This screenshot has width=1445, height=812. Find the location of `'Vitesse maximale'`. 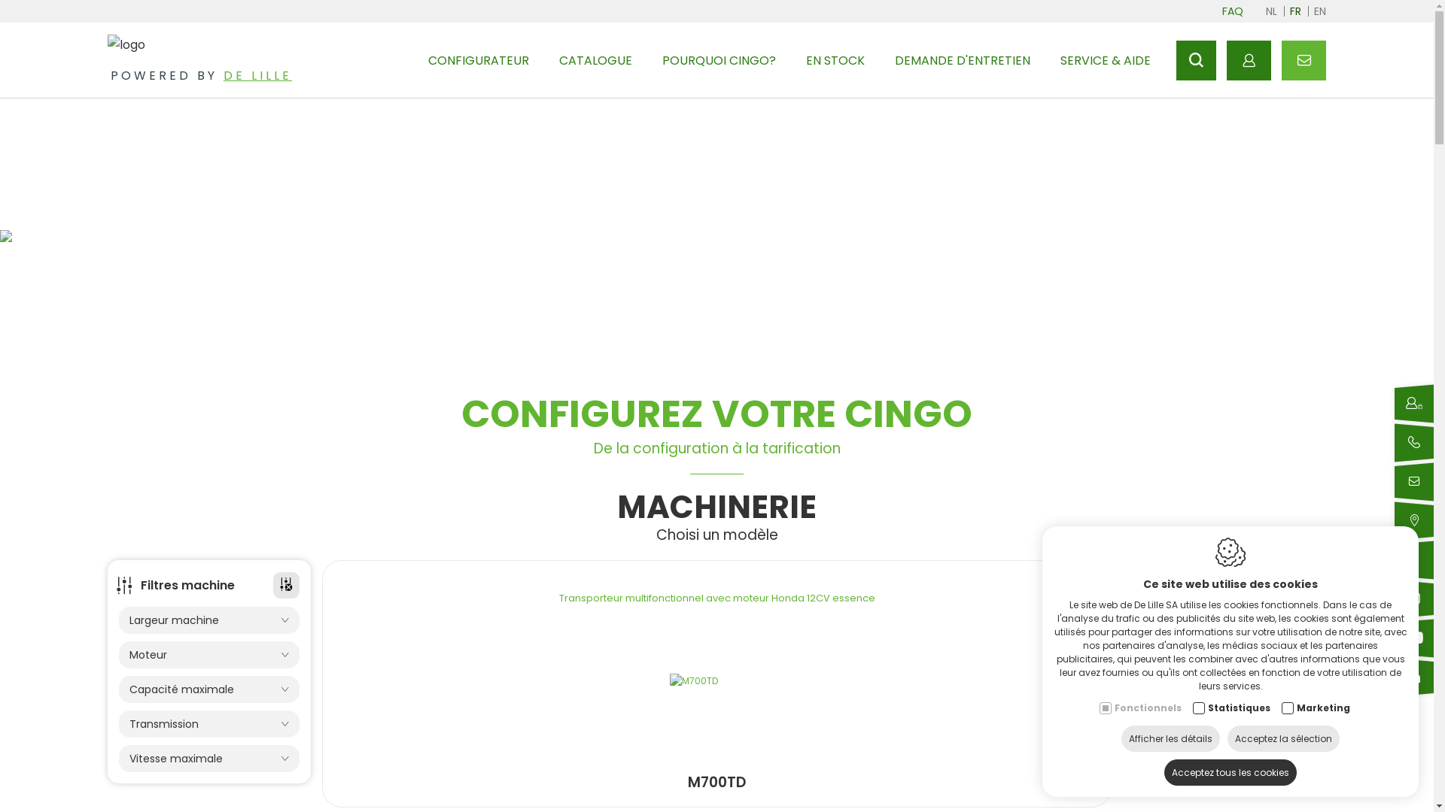

'Vitesse maximale' is located at coordinates (118, 759).